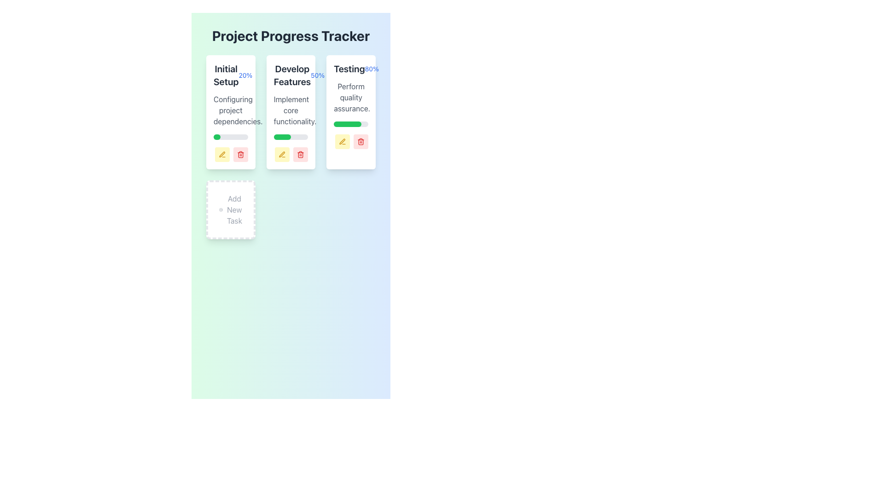 The width and height of the screenshot is (884, 497). Describe the element at coordinates (291, 75) in the screenshot. I see `the Text Label that provides information about the task title and its completion percentage within the 'Develop Features' card in the project's progress tracking section` at that location.